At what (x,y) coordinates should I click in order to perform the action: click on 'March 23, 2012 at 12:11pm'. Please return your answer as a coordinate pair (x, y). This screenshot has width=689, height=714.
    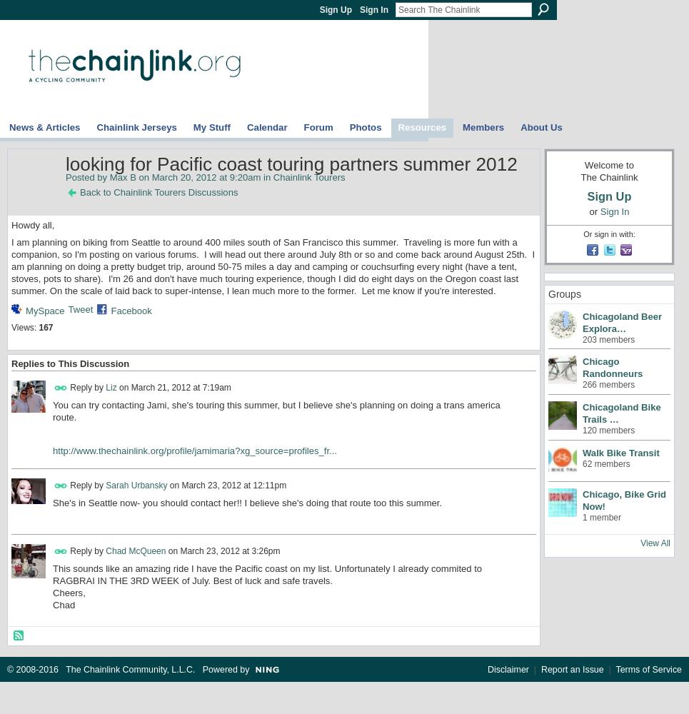
    Looking at the image, I should click on (233, 485).